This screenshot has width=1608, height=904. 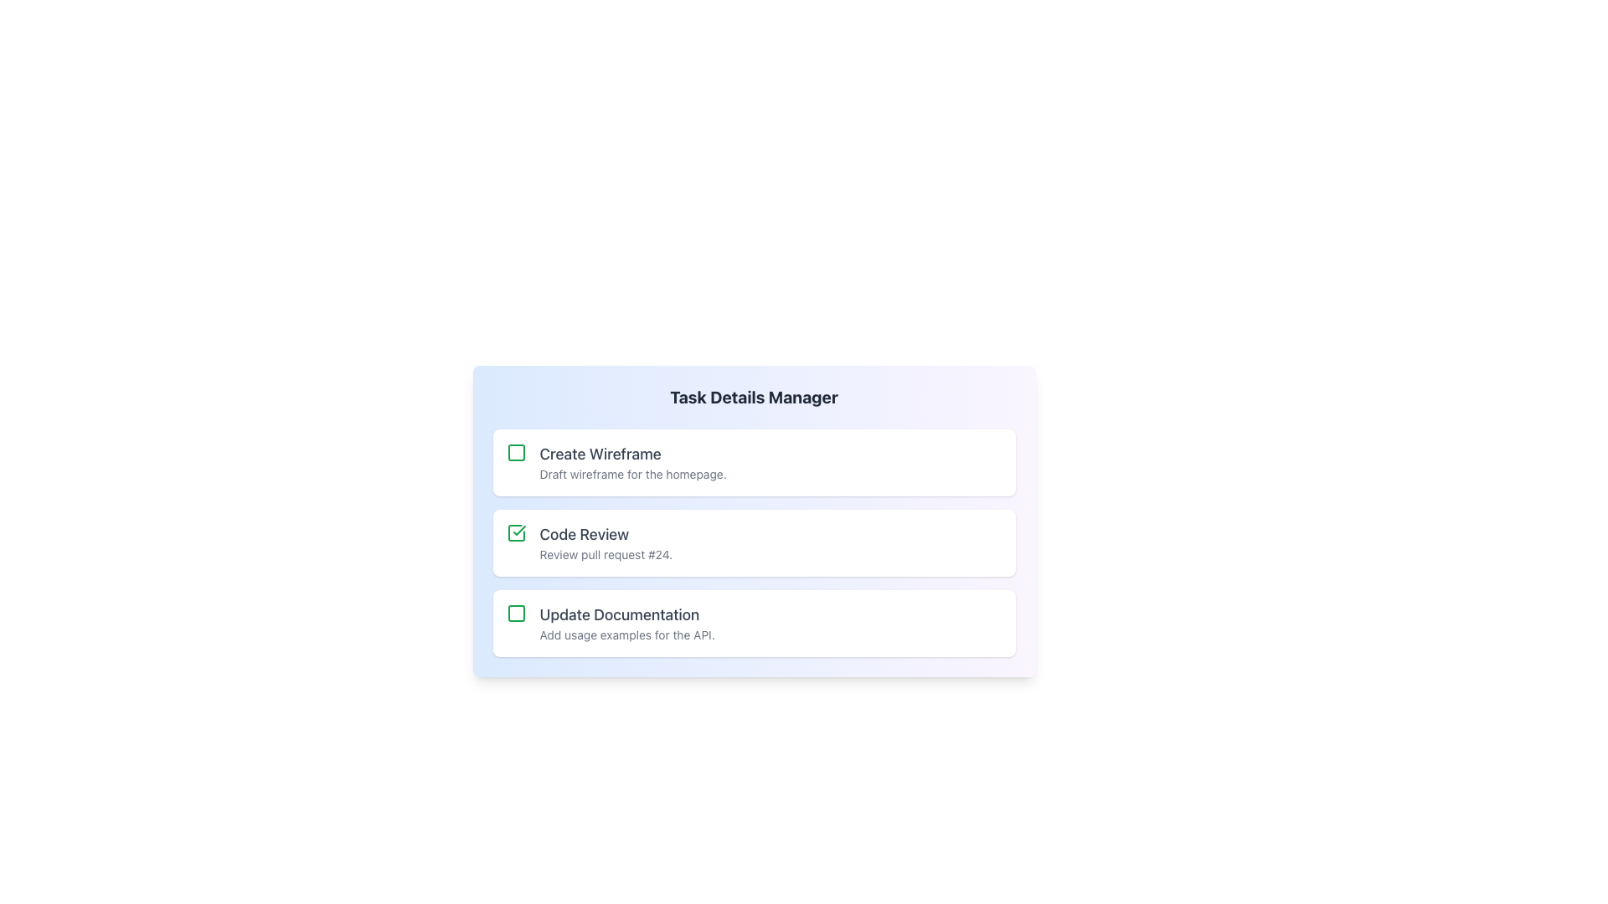 I want to click on title and description of the first task item card in the task list, which is located at the top of the list above 'Code Review' and 'Update Documentation.', so click(x=753, y=462).